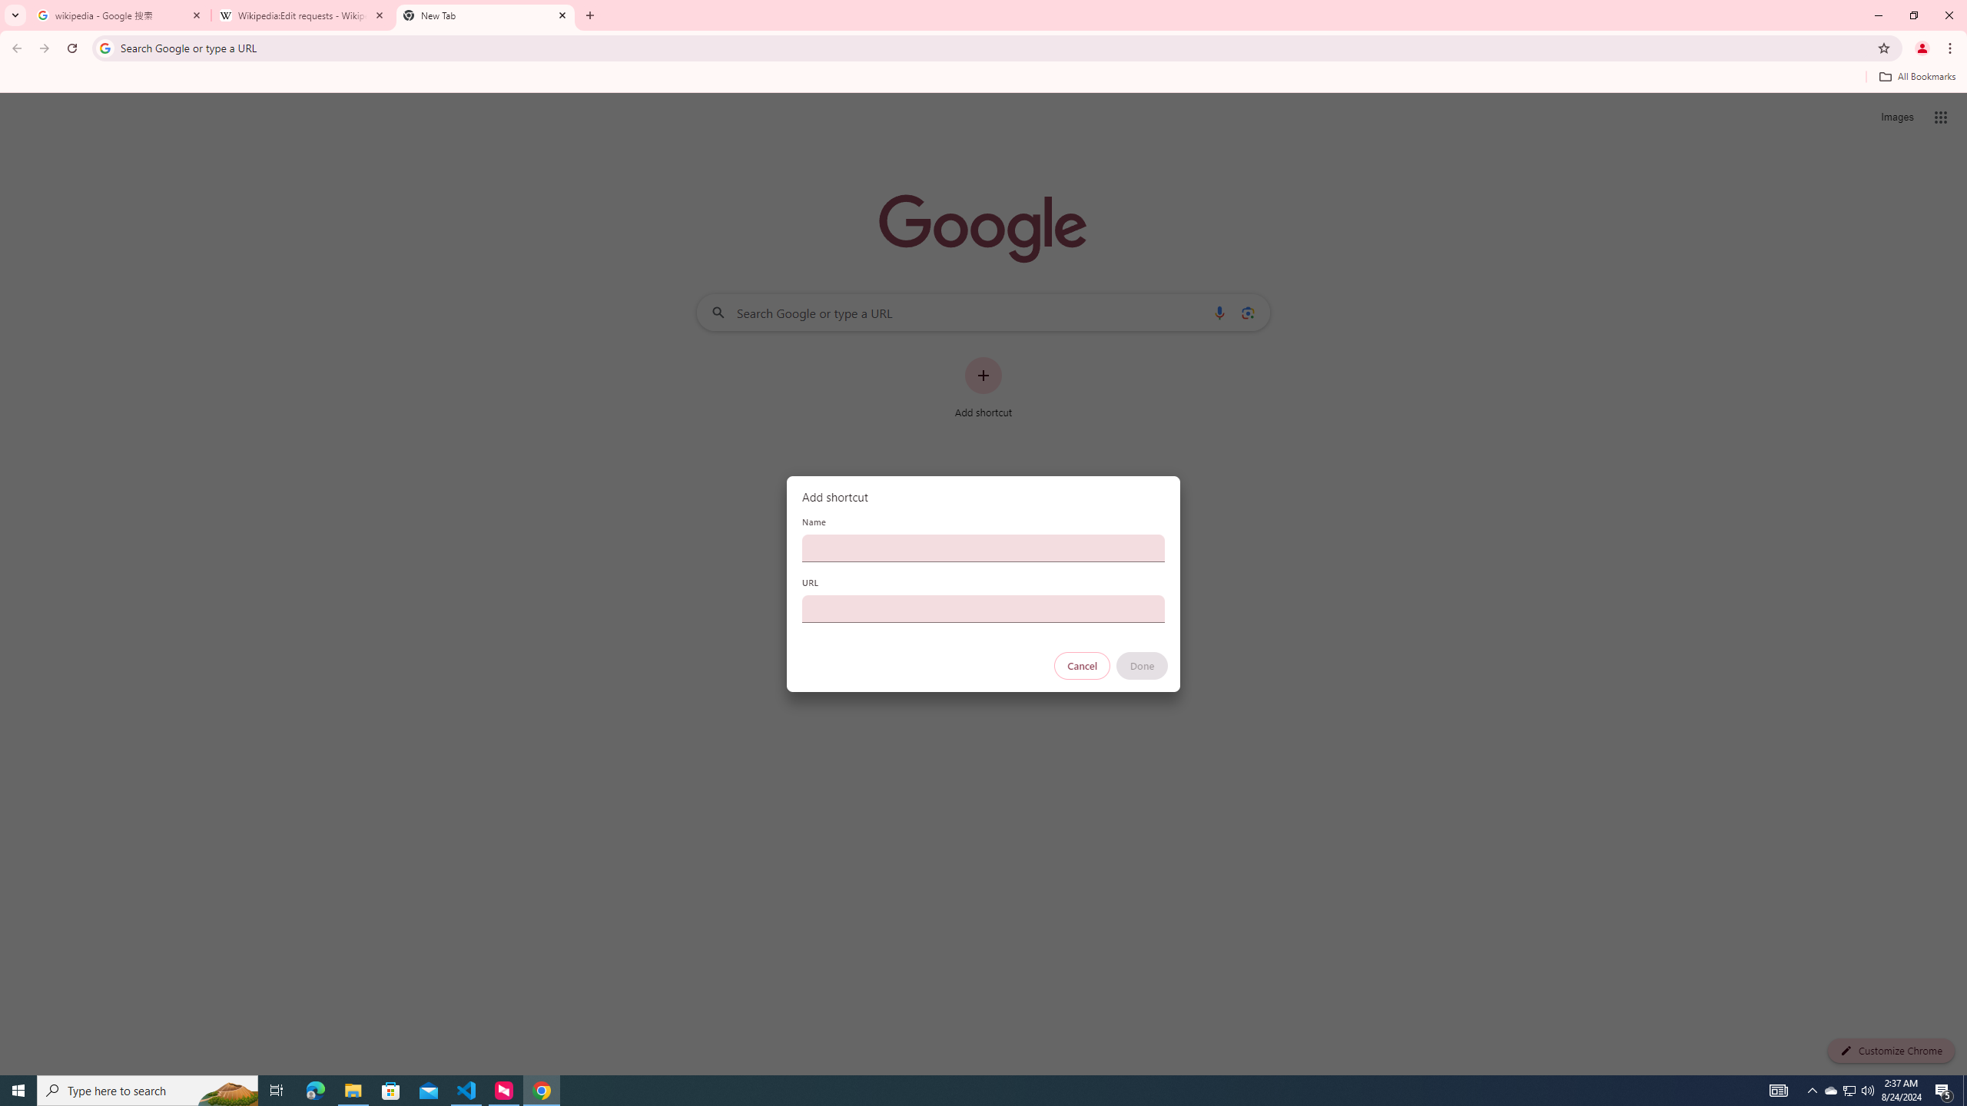 Image resolution: width=1967 pixels, height=1106 pixels. I want to click on 'Wikipedia:Edit requests - Wikipedia', so click(303, 15).